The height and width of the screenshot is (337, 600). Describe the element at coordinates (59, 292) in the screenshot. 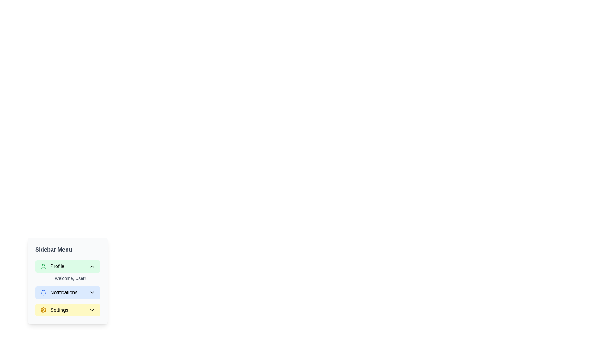

I see `the 'Notifications' label, which features a blue bell icon to its left` at that location.